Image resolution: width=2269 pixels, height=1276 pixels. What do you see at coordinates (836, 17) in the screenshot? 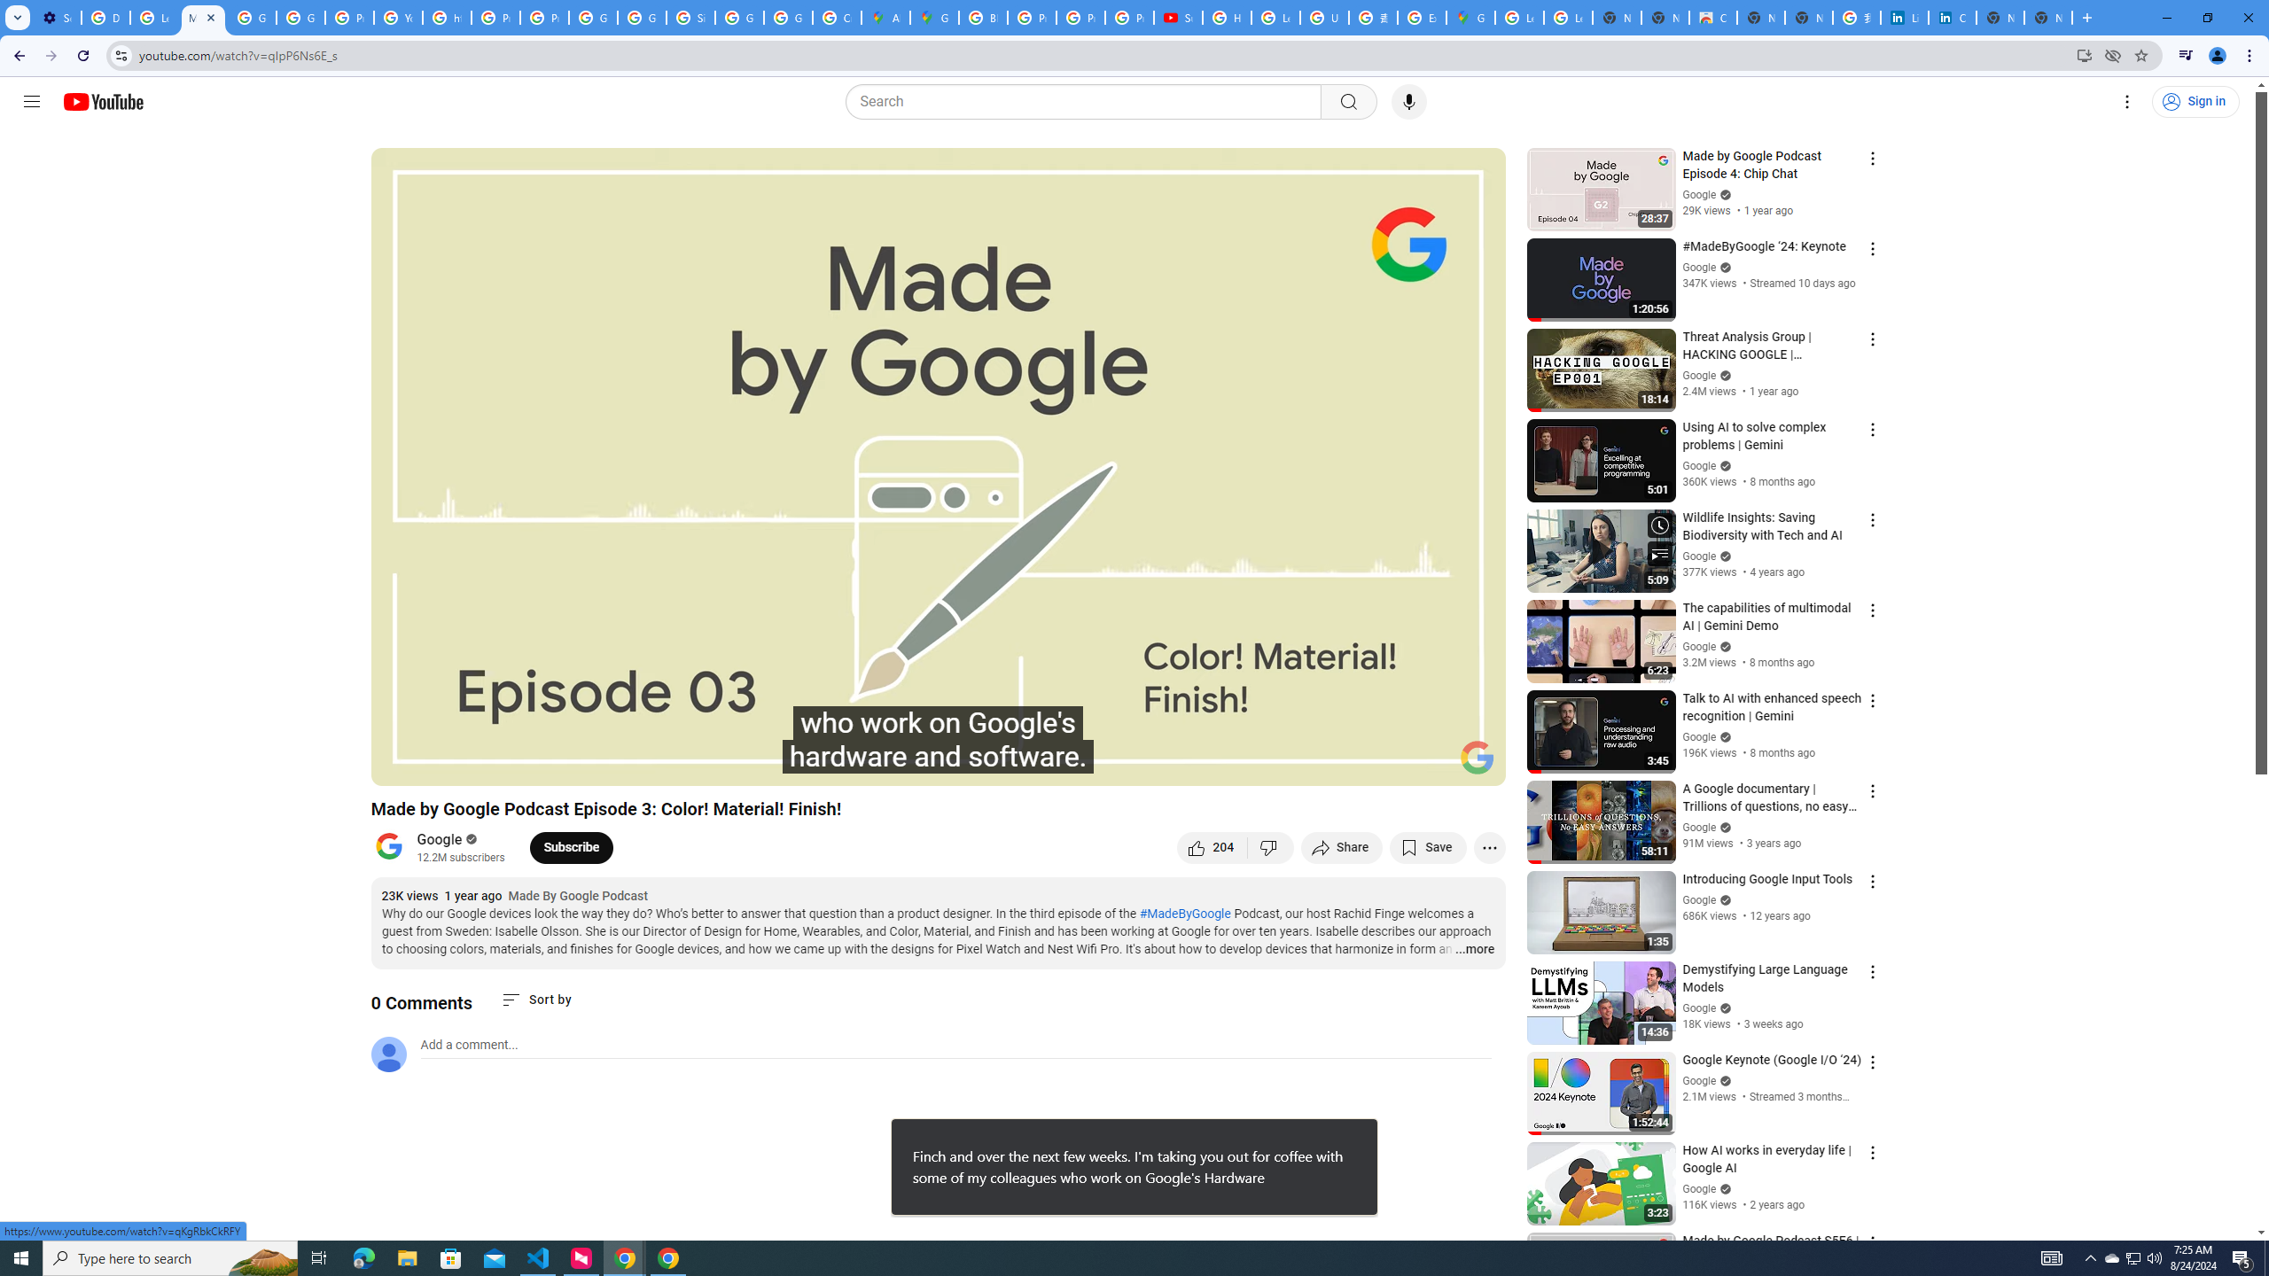
I see `'Create your Google Account'` at bounding box center [836, 17].